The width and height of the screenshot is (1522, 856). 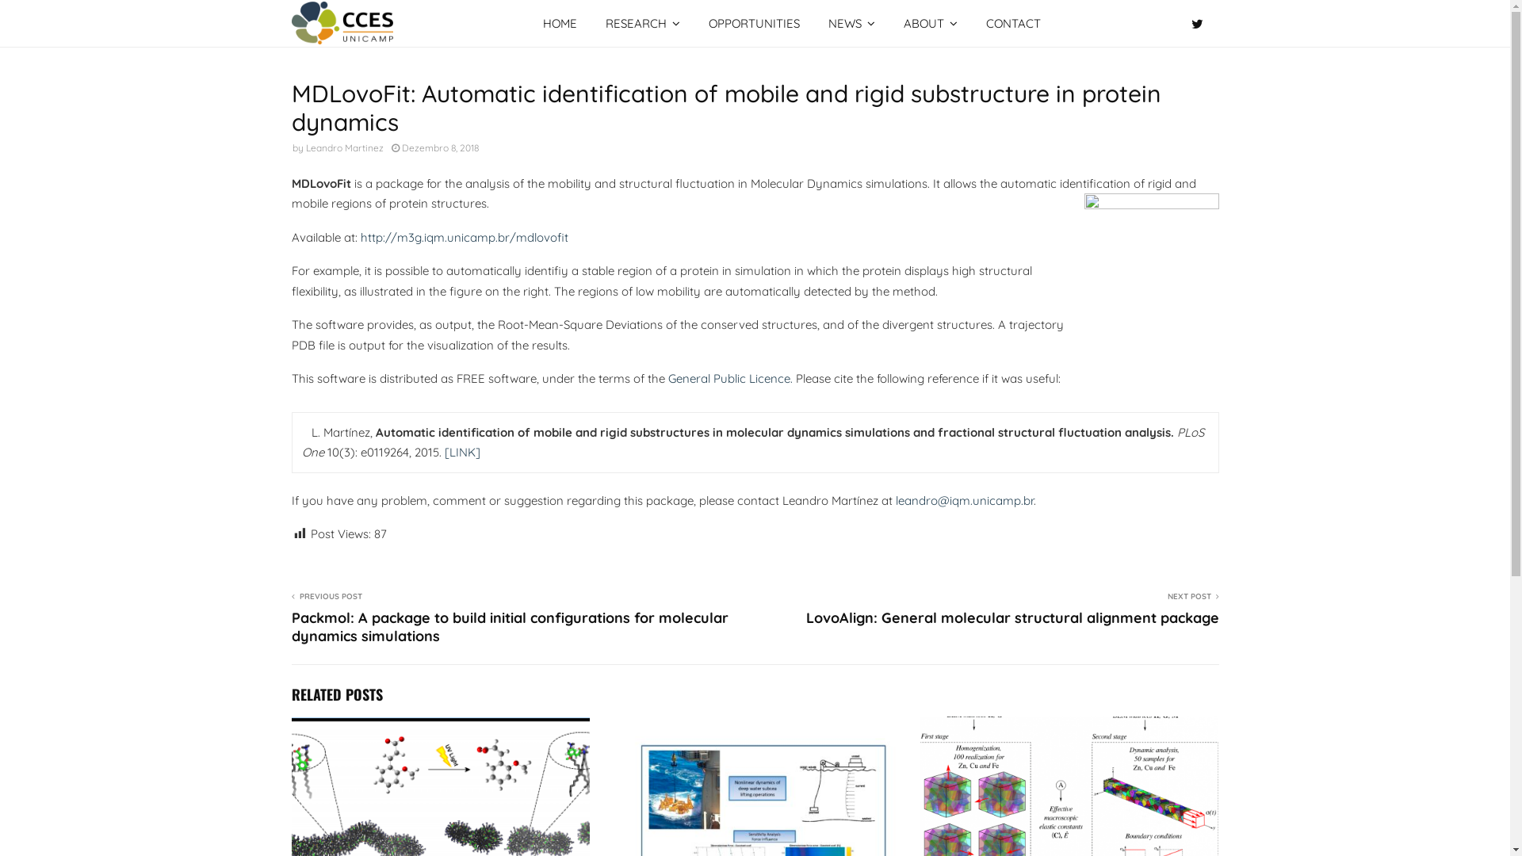 I want to click on 'LovoAlign: General molecular structural alignment package', so click(x=1011, y=617).